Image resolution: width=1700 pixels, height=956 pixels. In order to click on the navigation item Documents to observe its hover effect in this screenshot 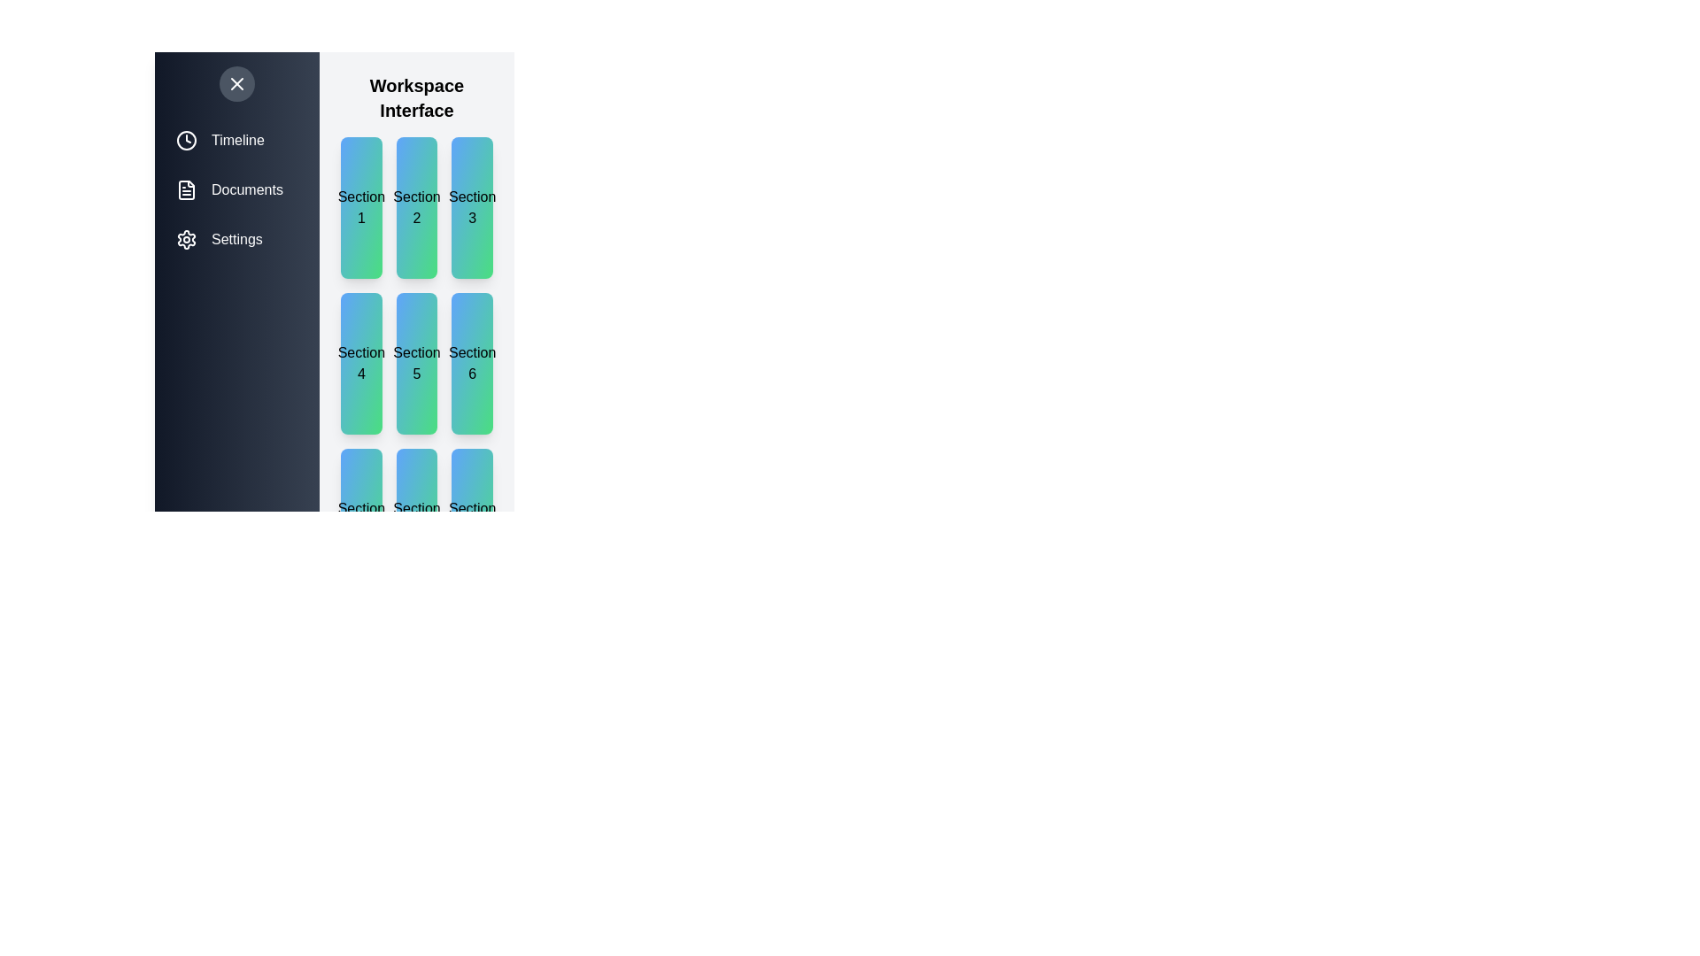, I will do `click(236, 190)`.